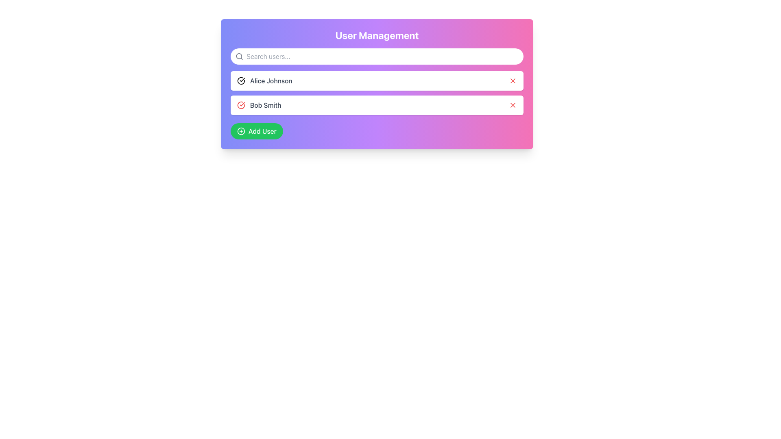 The height and width of the screenshot is (439, 781). What do you see at coordinates (264, 81) in the screenshot?
I see `the text label indicating that Alice Johnson is a verified user, which is the first entry in the user information list under the 'User Management' header` at bounding box center [264, 81].